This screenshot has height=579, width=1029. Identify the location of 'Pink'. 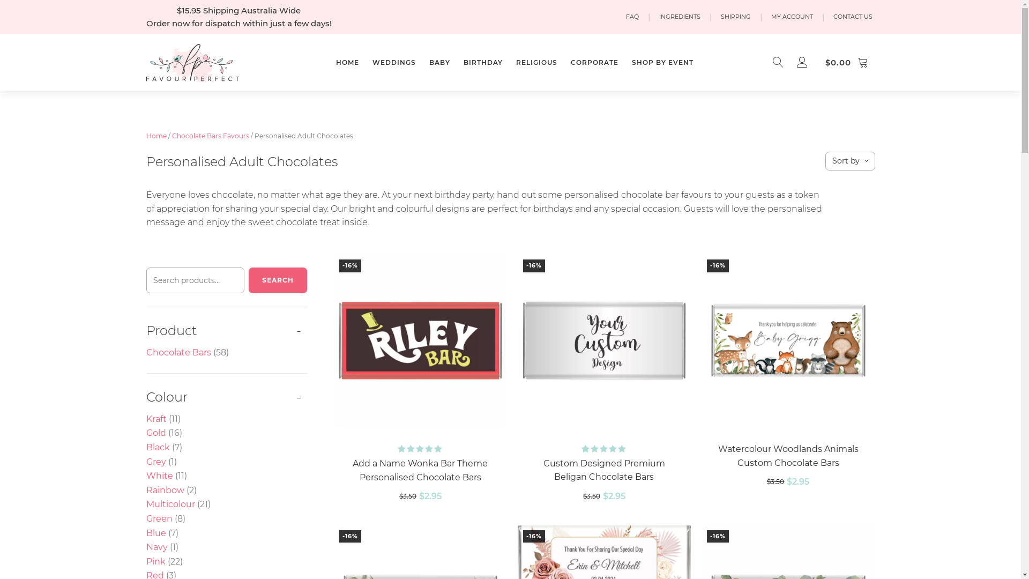
(154, 561).